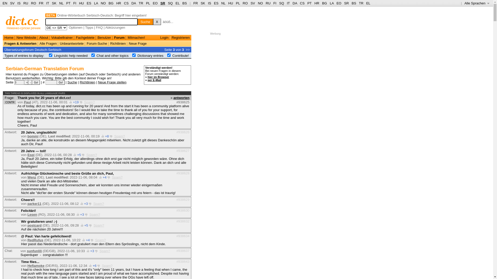 The width and height of the screenshot is (497, 279). I want to click on '#938643', so click(176, 261).